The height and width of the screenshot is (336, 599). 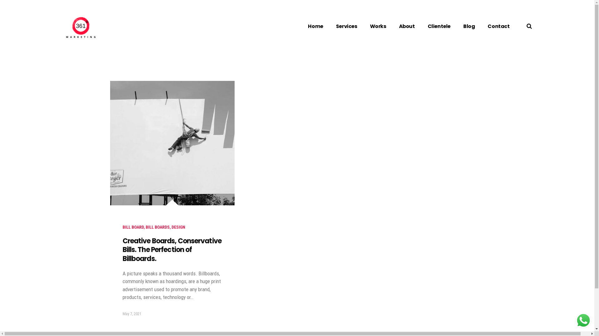 What do you see at coordinates (178, 227) in the screenshot?
I see `'DESIGN'` at bounding box center [178, 227].